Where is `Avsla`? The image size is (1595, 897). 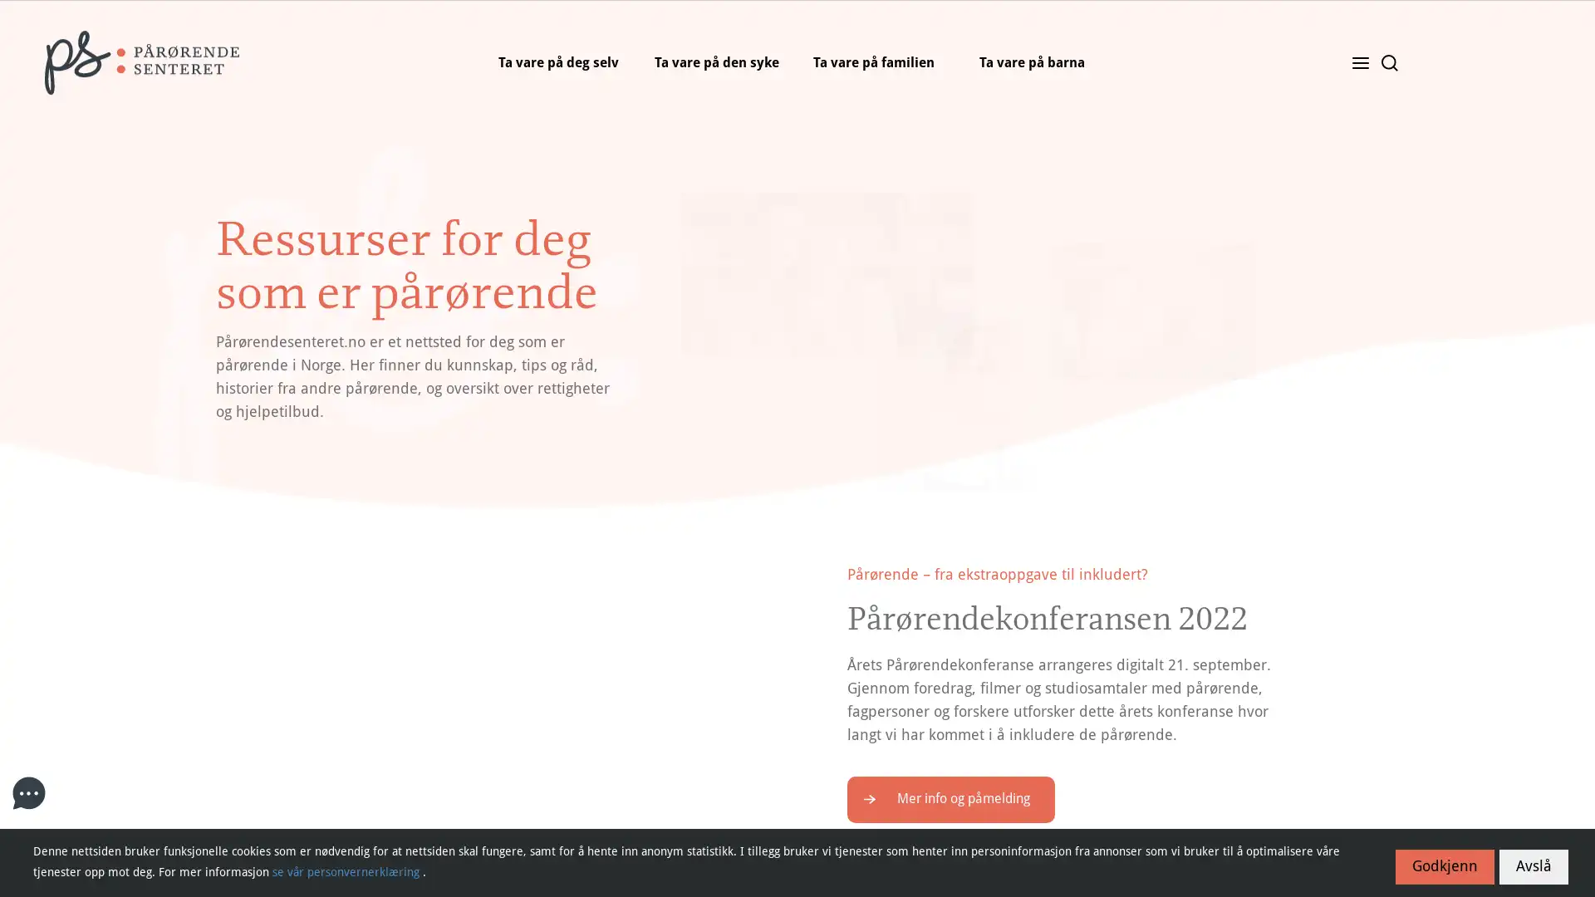 Avsla is located at coordinates (1532, 866).